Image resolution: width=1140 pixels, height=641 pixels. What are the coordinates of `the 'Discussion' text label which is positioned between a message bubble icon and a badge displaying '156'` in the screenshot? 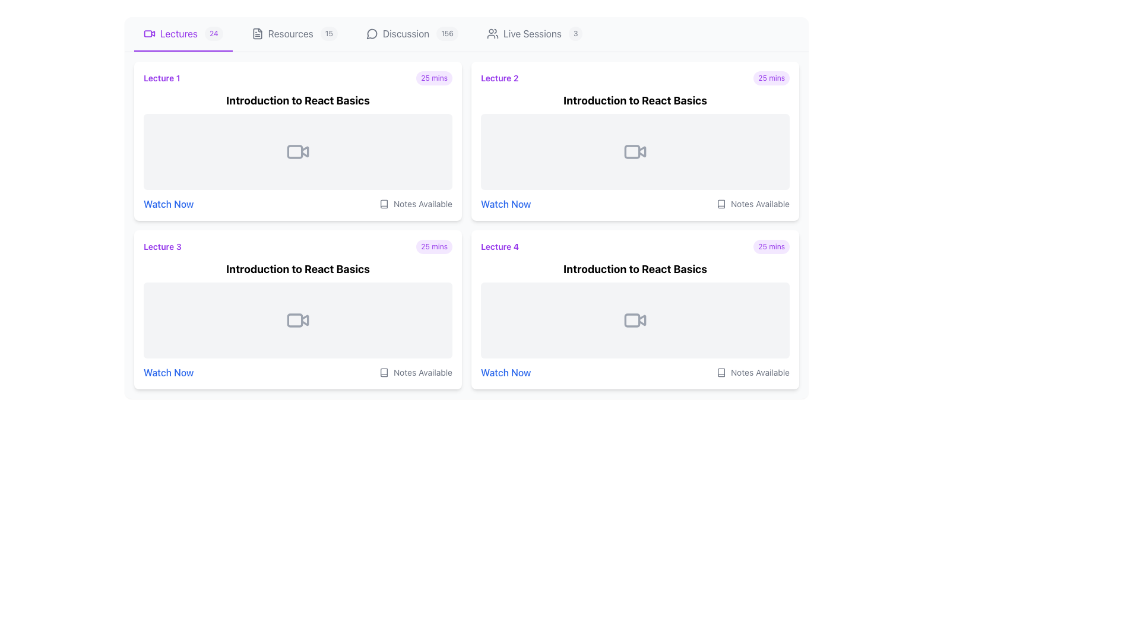 It's located at (406, 33).